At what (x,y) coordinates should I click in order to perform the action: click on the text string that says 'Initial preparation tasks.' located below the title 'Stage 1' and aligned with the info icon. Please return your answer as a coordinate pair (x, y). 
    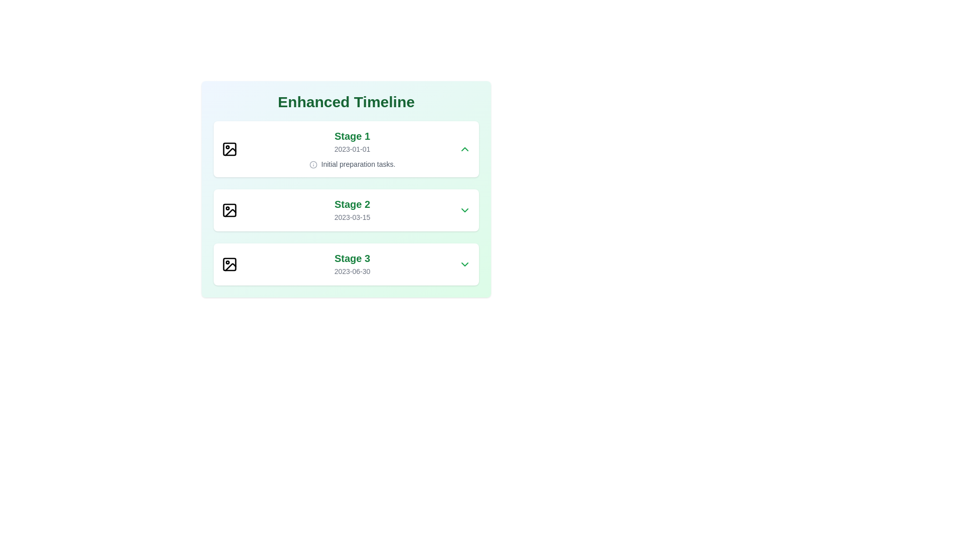
    Looking at the image, I should click on (352, 163).